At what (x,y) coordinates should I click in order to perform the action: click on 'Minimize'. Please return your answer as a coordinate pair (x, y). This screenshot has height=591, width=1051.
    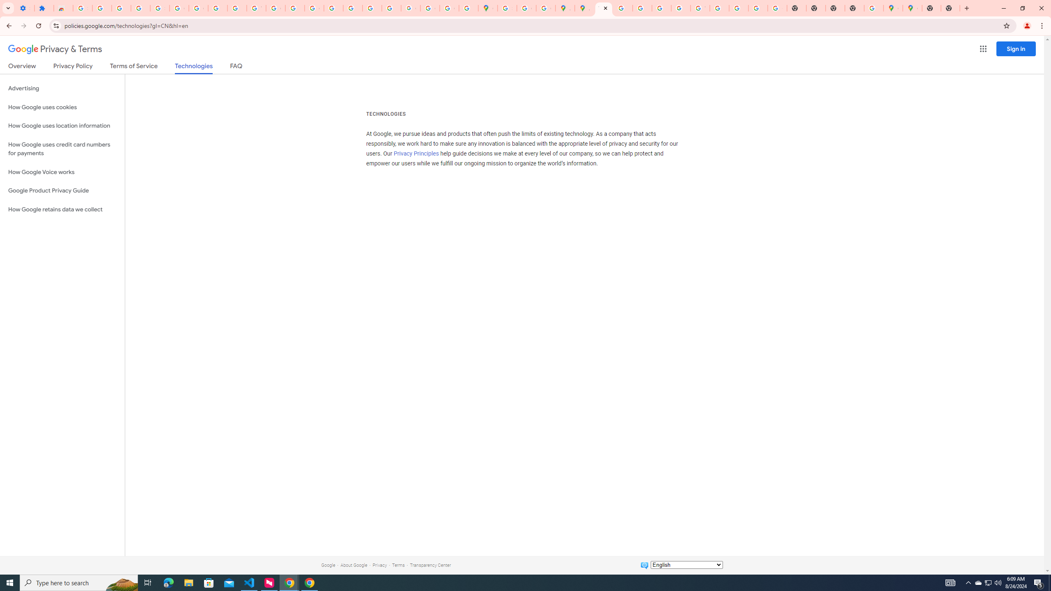
    Looking at the image, I should click on (1003, 8).